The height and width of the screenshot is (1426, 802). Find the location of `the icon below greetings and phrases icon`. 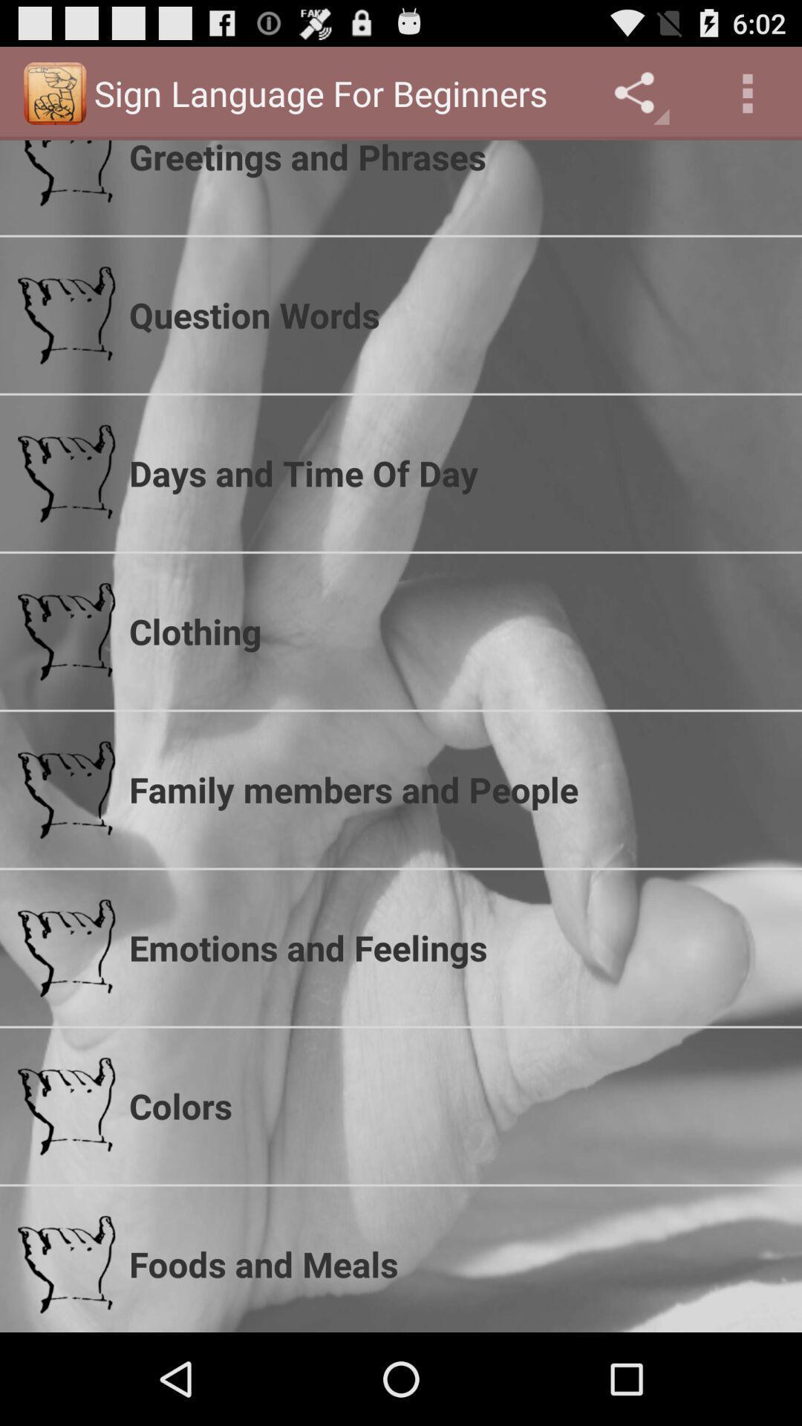

the icon below greetings and phrases icon is located at coordinates (455, 314).